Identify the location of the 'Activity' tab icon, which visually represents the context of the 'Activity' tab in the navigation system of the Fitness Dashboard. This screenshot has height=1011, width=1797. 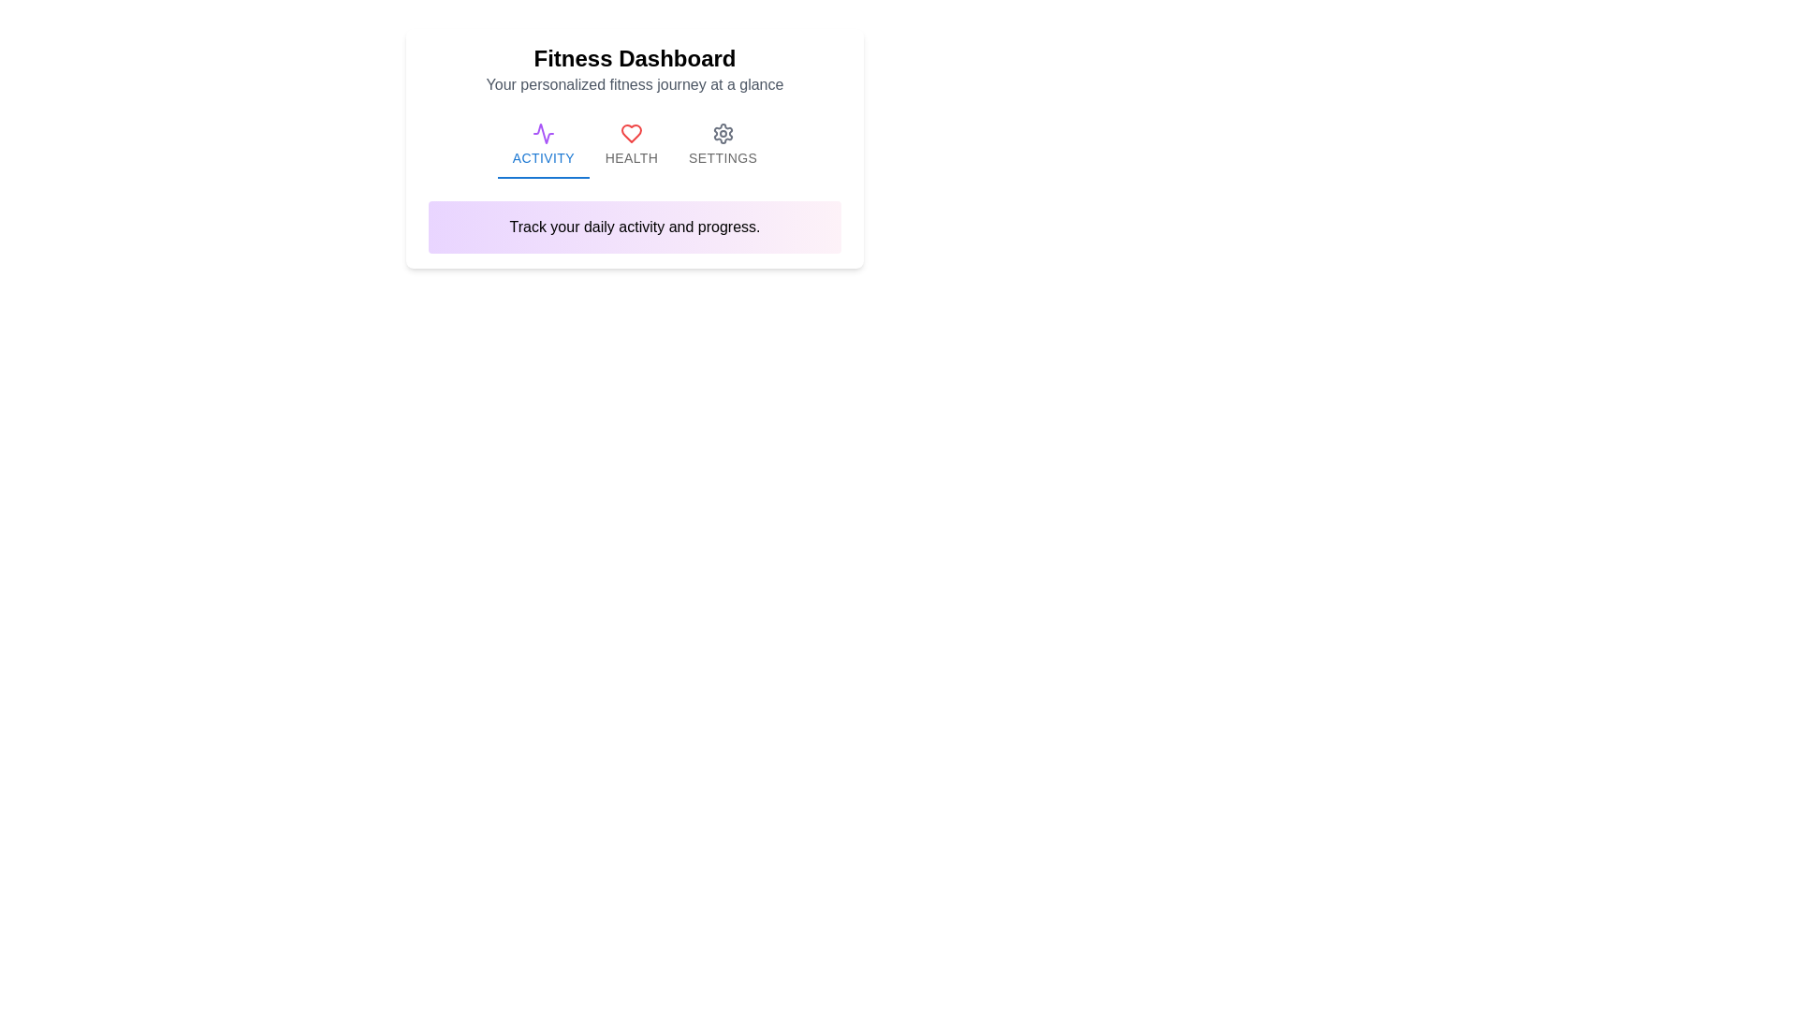
(542, 133).